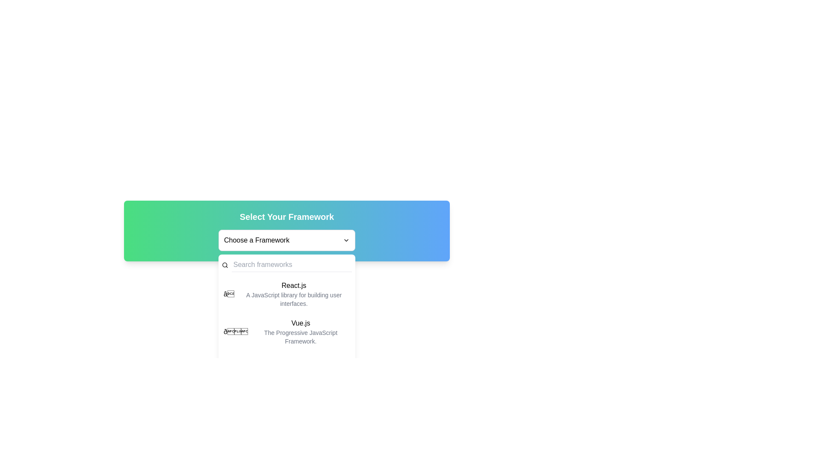  What do you see at coordinates (287, 331) in the screenshot?
I see `the list entry in the dropdown menu labeled 'Vue.js'` at bounding box center [287, 331].